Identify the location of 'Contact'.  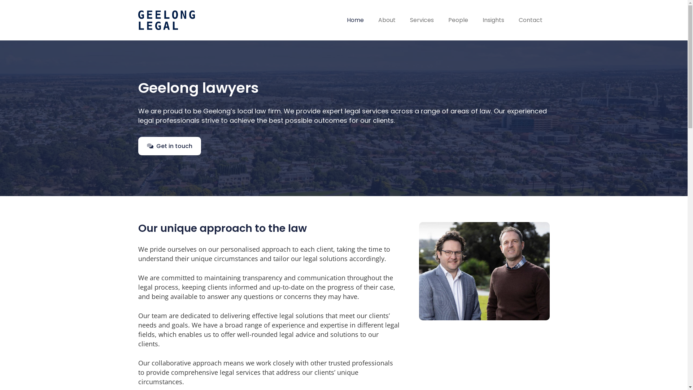
(530, 20).